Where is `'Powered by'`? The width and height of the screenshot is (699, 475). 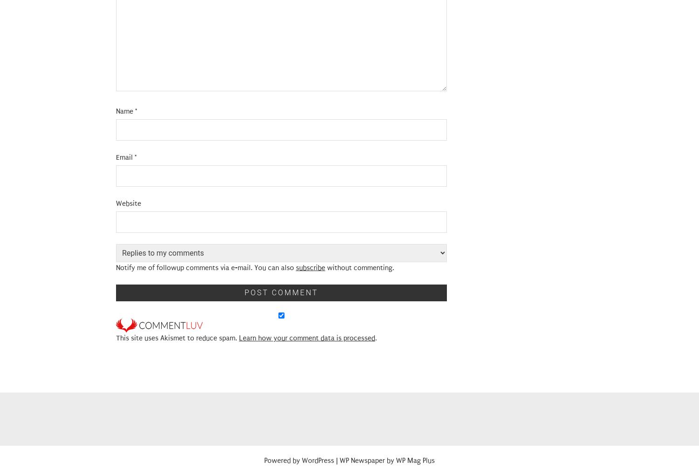 'Powered by' is located at coordinates (282, 460).